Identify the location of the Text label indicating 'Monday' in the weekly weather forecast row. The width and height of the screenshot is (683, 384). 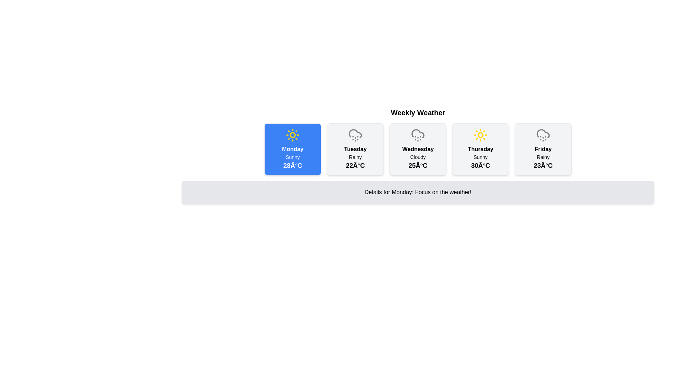
(292, 149).